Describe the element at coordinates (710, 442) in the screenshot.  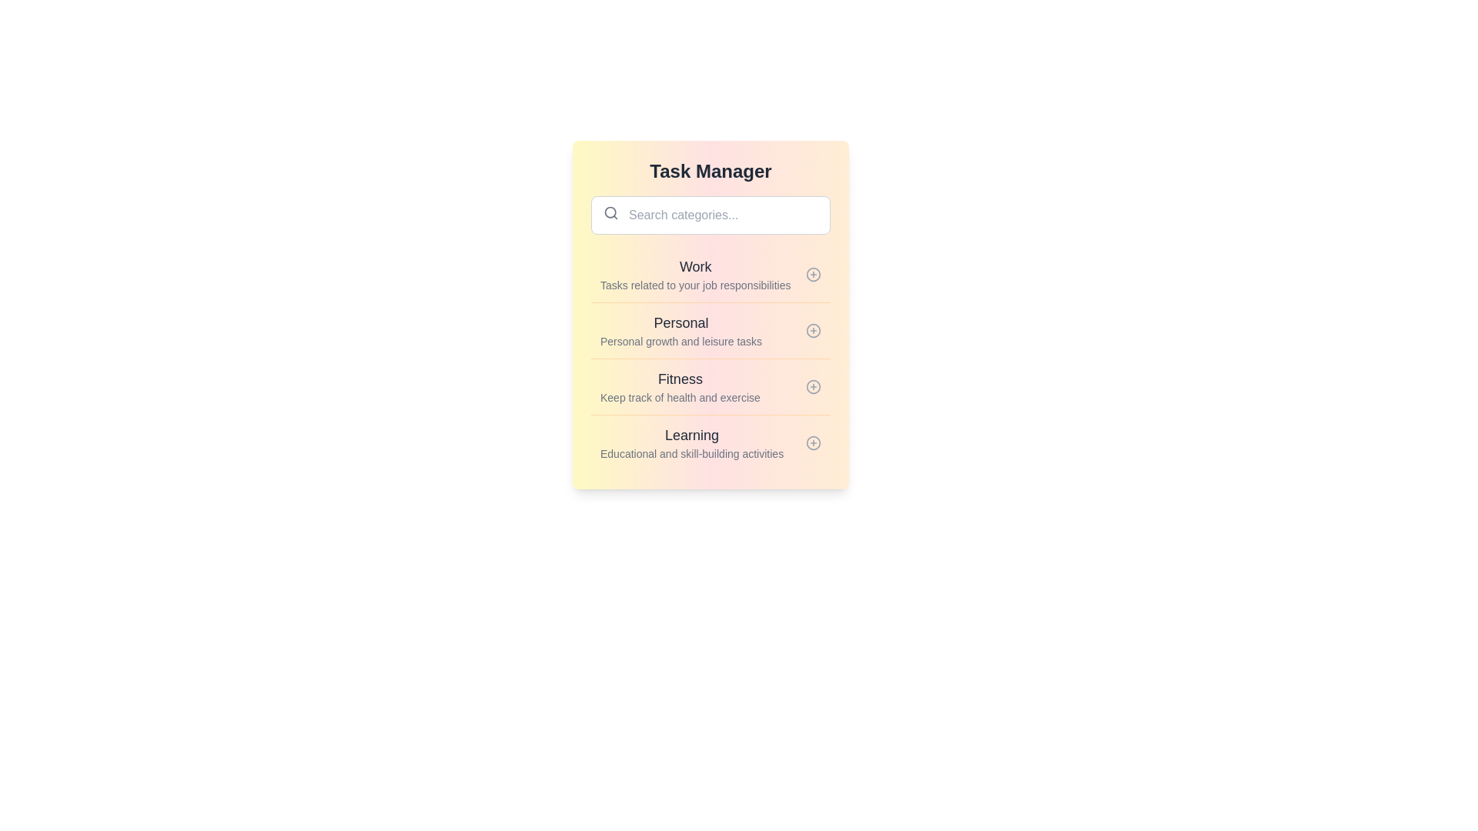
I see `the fourth list item titled 'Learning' with a description 'Educational and skill-building activities'` at that location.